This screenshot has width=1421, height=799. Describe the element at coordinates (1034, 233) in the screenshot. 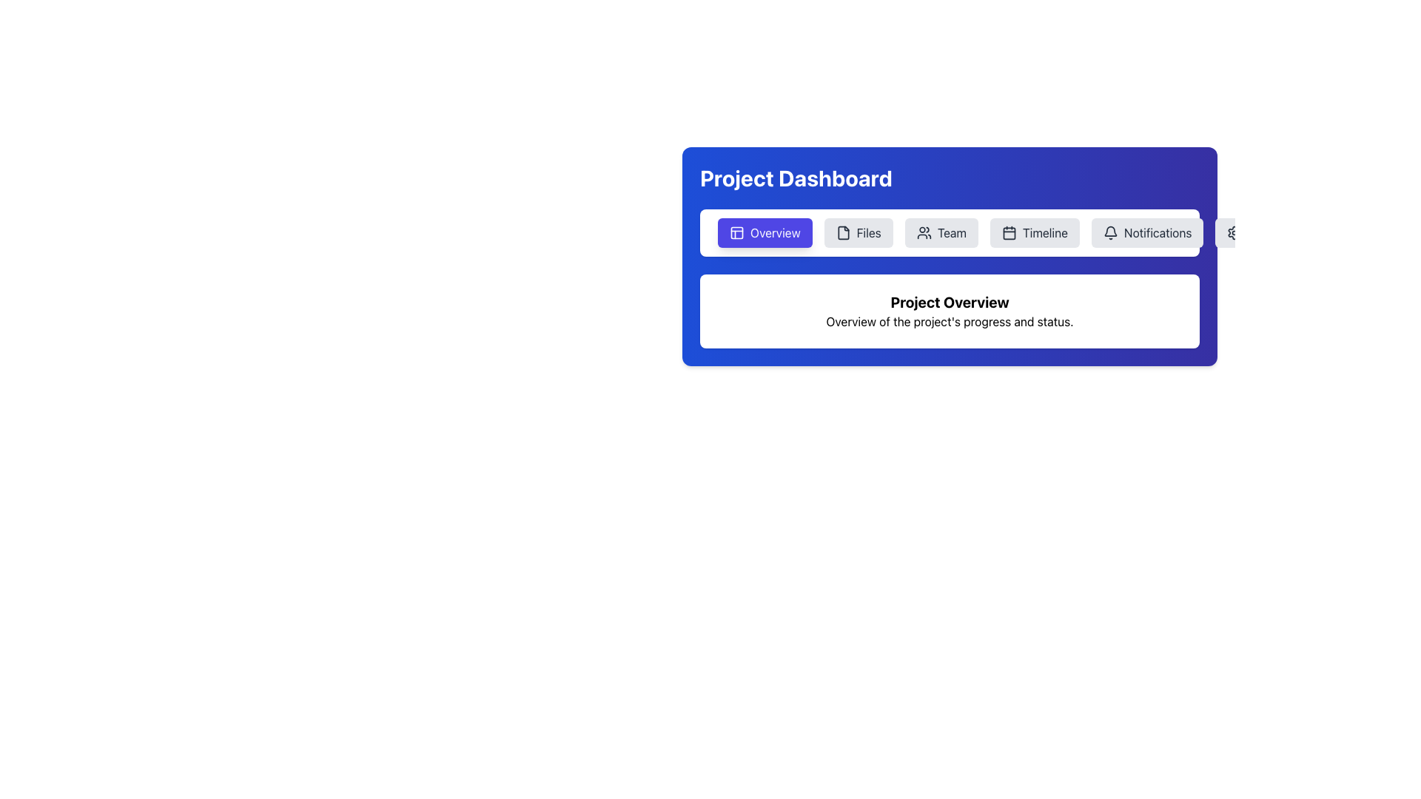

I see `the navigation button located in the navigation bar, positioned between 'Team' and 'Notifications'` at that location.